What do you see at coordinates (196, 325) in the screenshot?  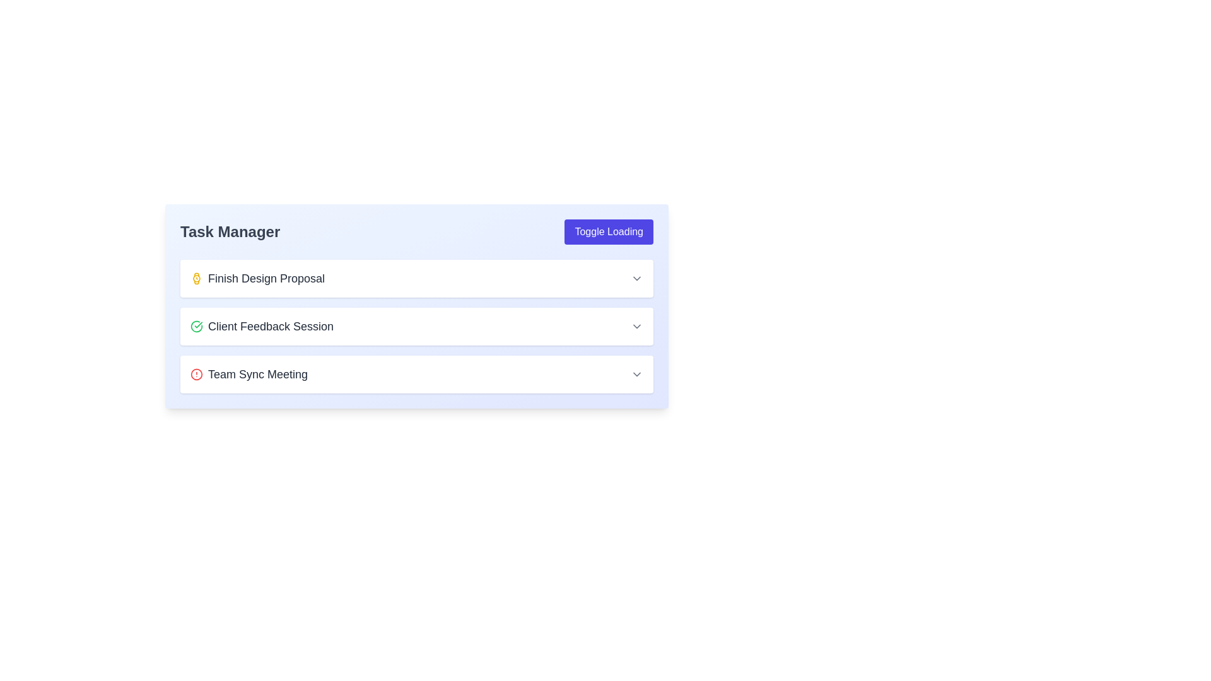 I see `the success icon located to the left of the 'Client Feedback Session' text in the 'Task Manager' section to indicate task completion` at bounding box center [196, 325].